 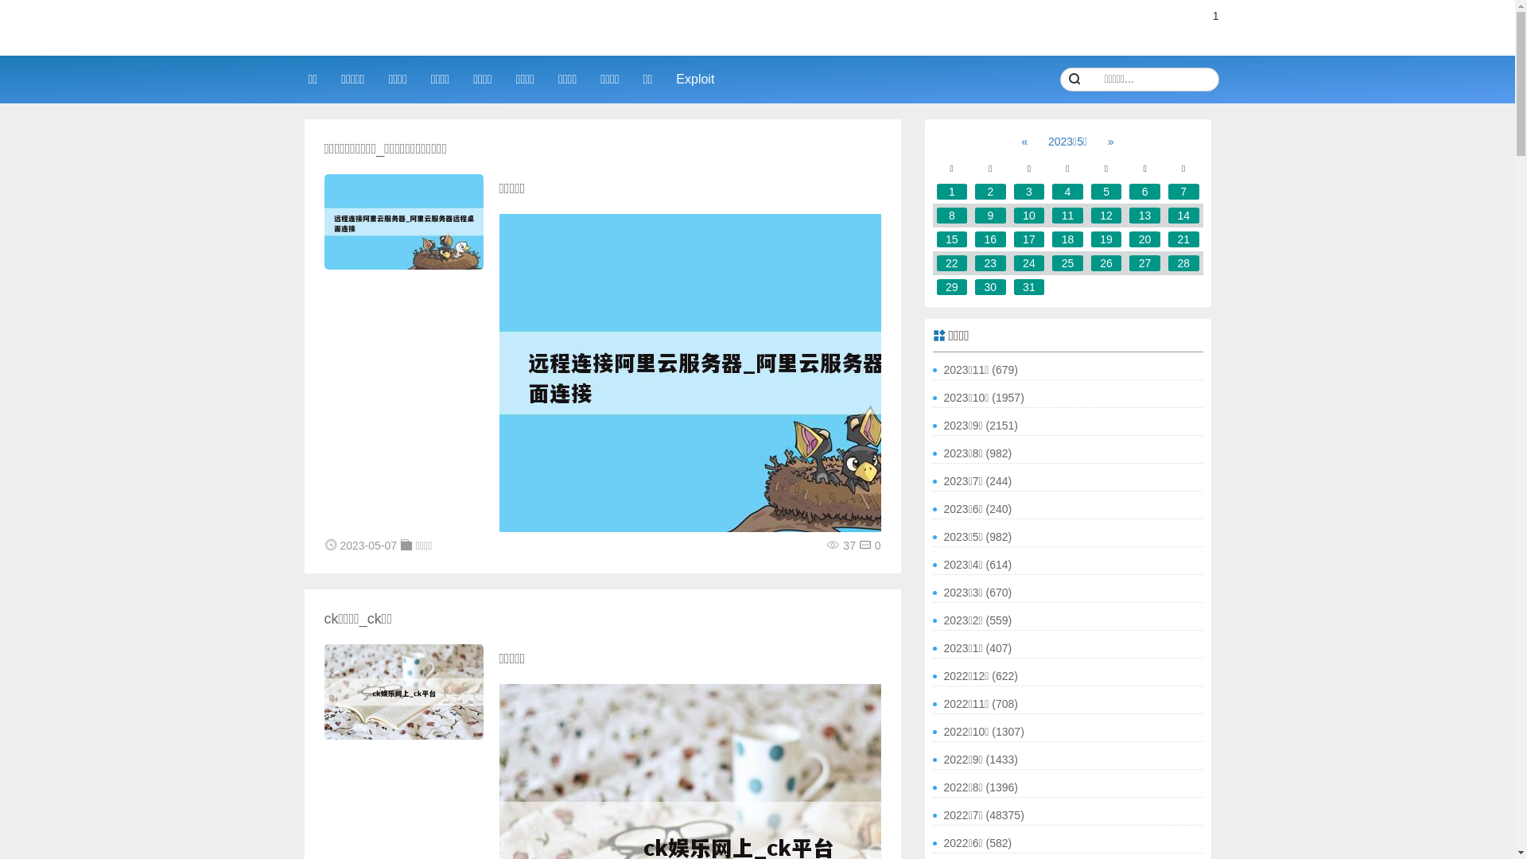 What do you see at coordinates (1029, 287) in the screenshot?
I see `'31'` at bounding box center [1029, 287].